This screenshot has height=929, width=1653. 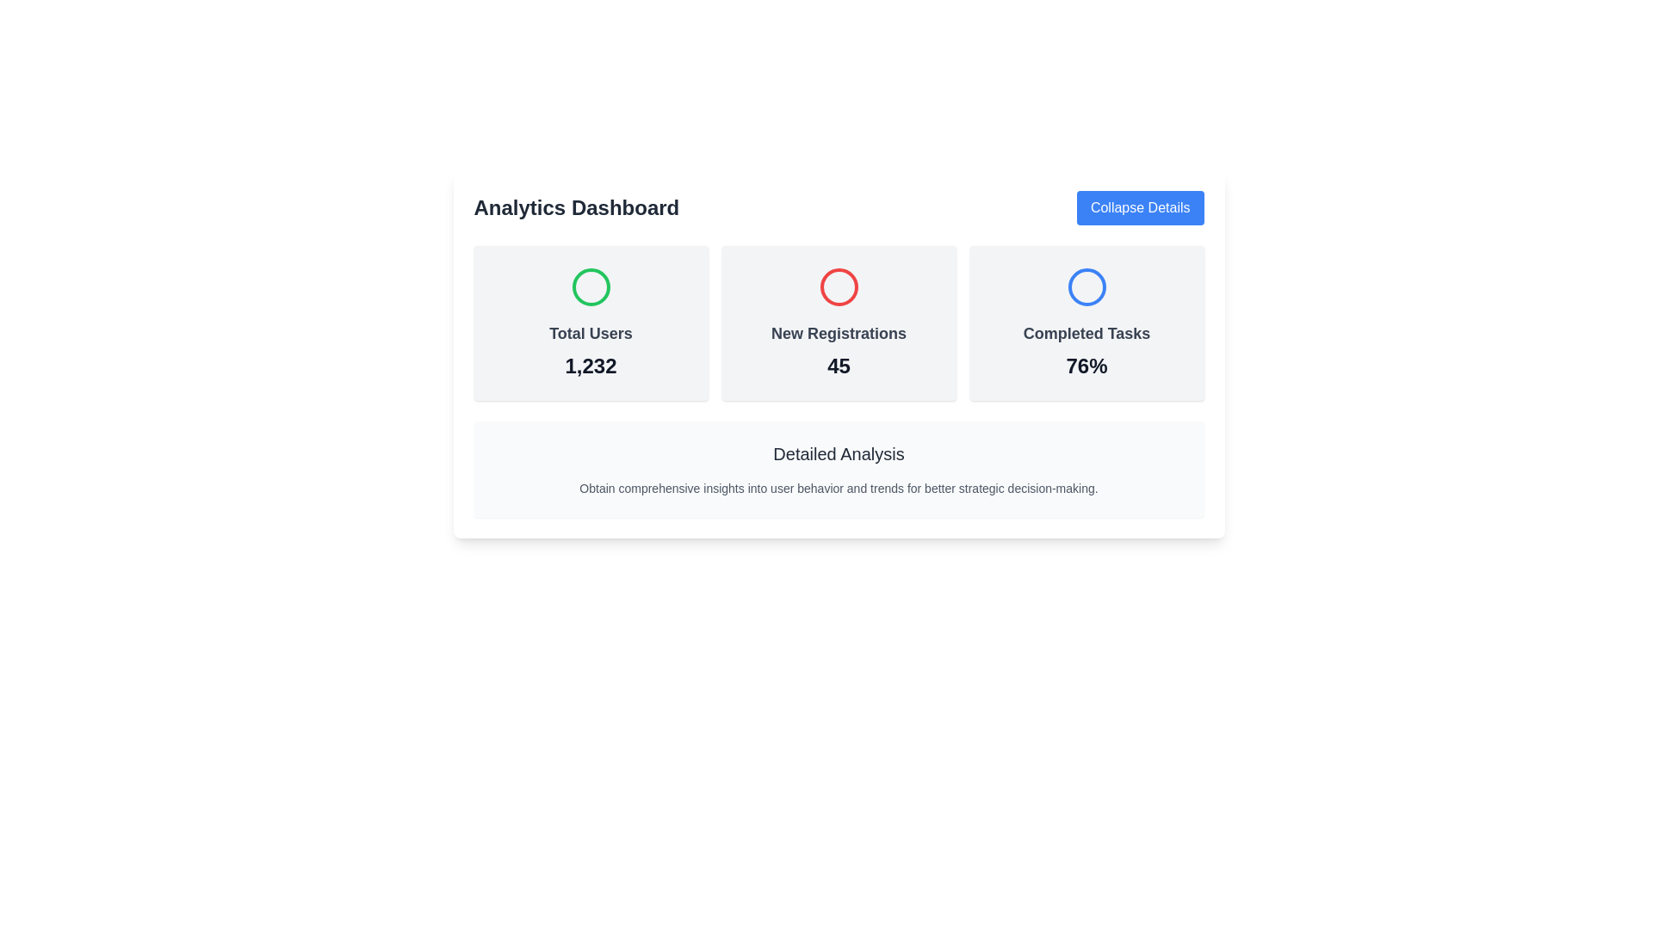 What do you see at coordinates (839, 334) in the screenshot?
I see `the descriptive label indicating 'New Registrations' located above the numeral '45' in the center of the card on the Analytics Dashboard` at bounding box center [839, 334].